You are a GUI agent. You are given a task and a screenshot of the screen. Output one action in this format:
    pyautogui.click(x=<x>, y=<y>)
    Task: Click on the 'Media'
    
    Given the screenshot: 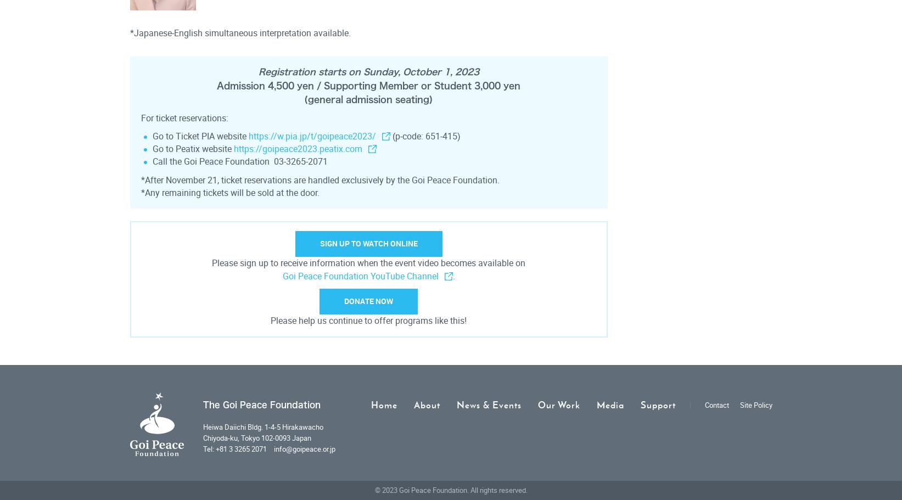 What is the action you would take?
    pyautogui.click(x=609, y=404)
    